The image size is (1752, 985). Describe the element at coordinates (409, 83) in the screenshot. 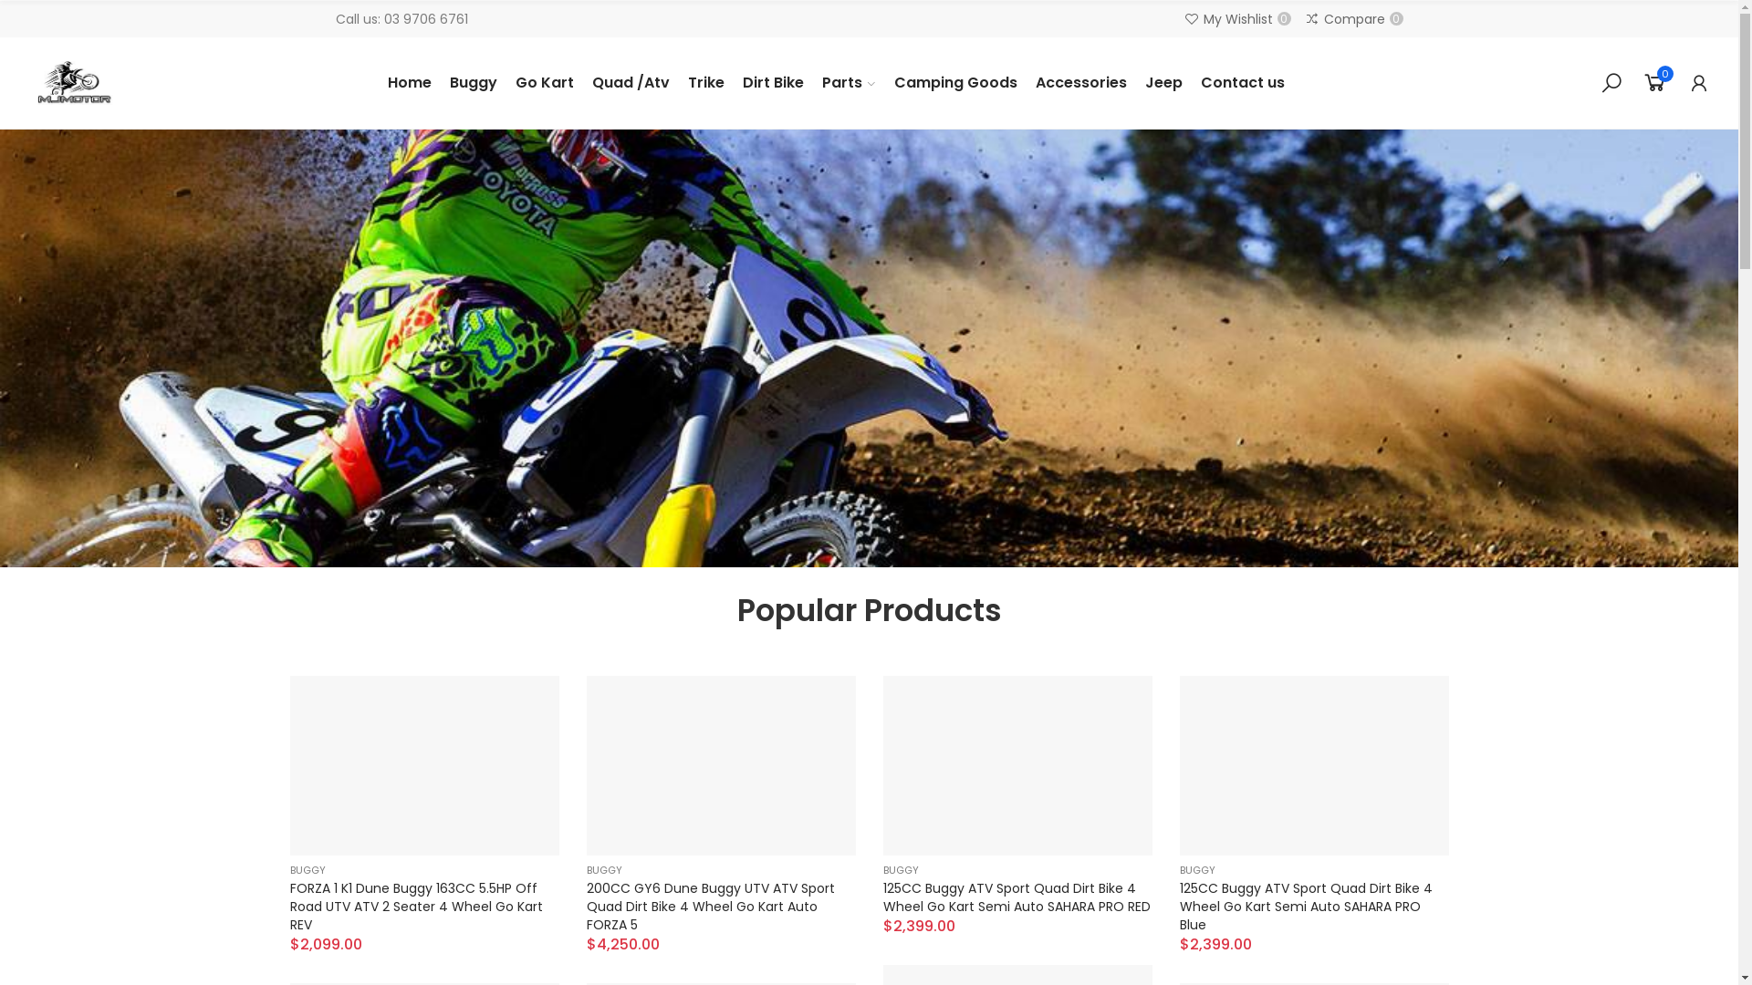

I see `'Home'` at that location.